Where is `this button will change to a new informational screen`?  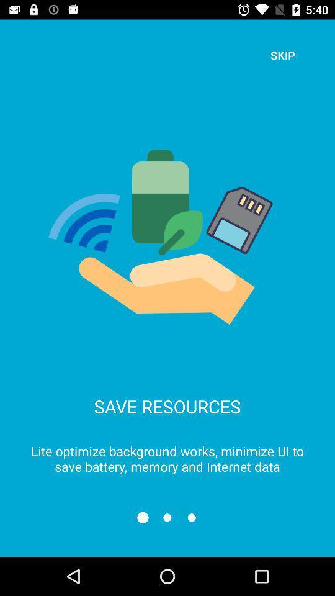
this button will change to a new informational screen is located at coordinates (167, 517).